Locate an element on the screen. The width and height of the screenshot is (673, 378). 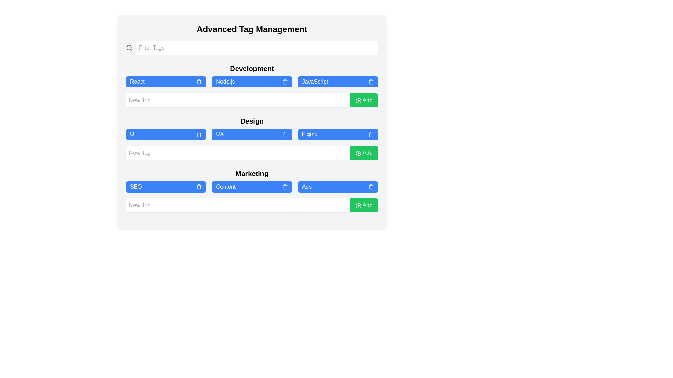
the blue pill-shaped button labeled 'SEO' located is located at coordinates (165, 186).